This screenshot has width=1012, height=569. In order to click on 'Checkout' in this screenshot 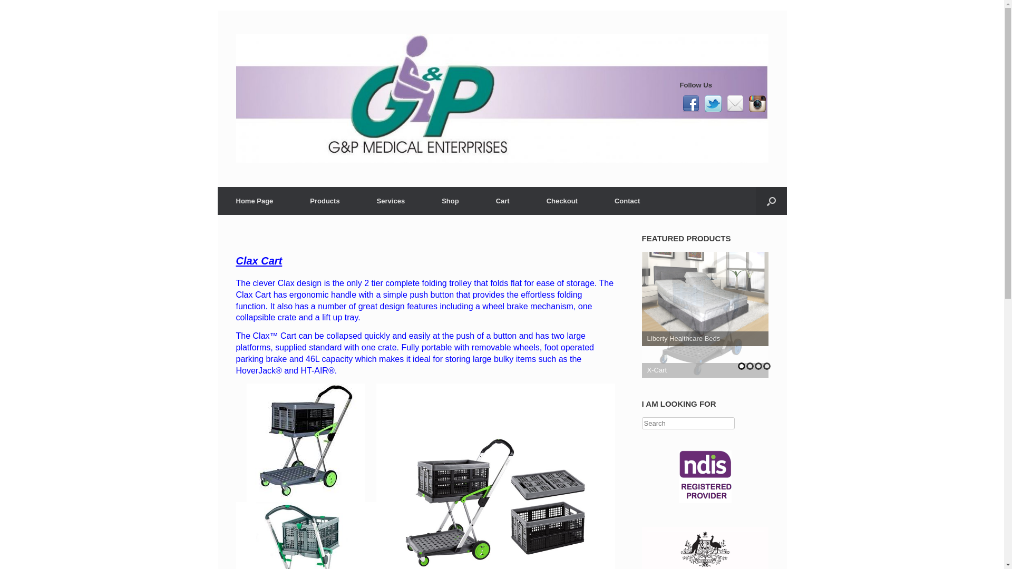, I will do `click(561, 201)`.